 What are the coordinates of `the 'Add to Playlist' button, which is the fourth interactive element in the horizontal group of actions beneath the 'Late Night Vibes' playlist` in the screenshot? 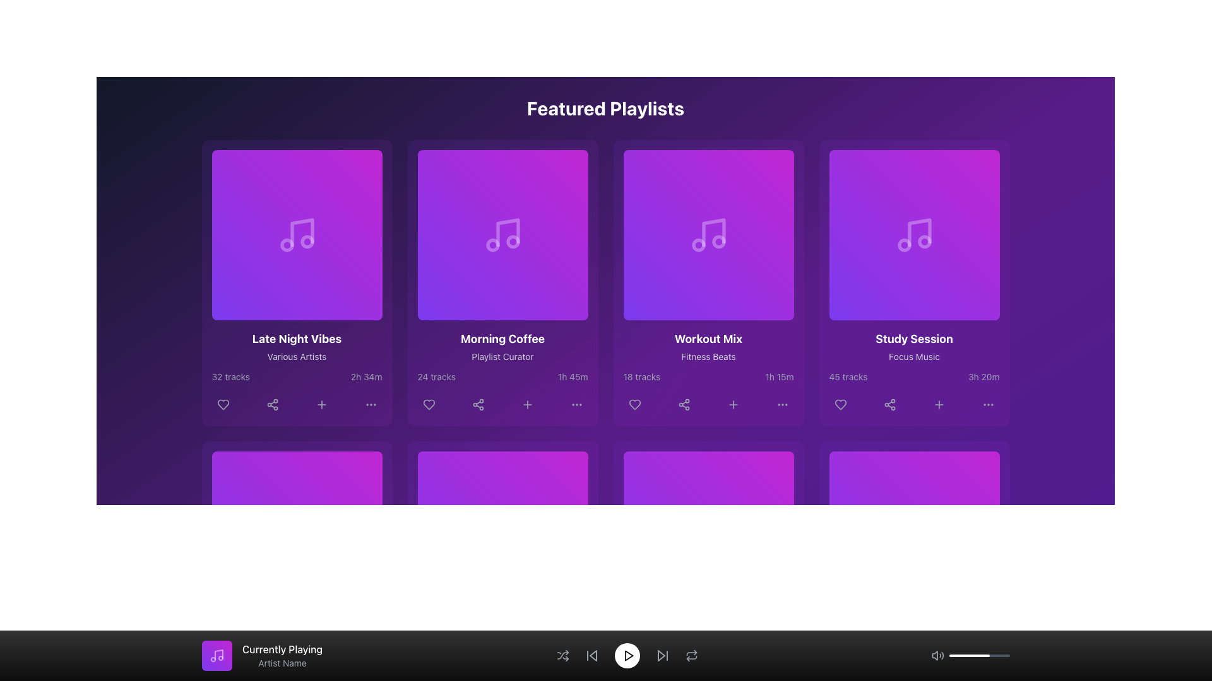 It's located at (321, 404).